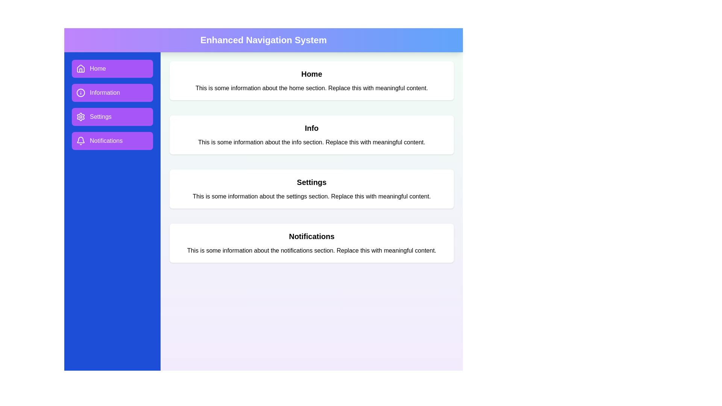  What do you see at coordinates (263, 40) in the screenshot?
I see `the Header banner that features a gradient background from purple to blue and contains the text 'Enhanced Navigation System' in white` at bounding box center [263, 40].